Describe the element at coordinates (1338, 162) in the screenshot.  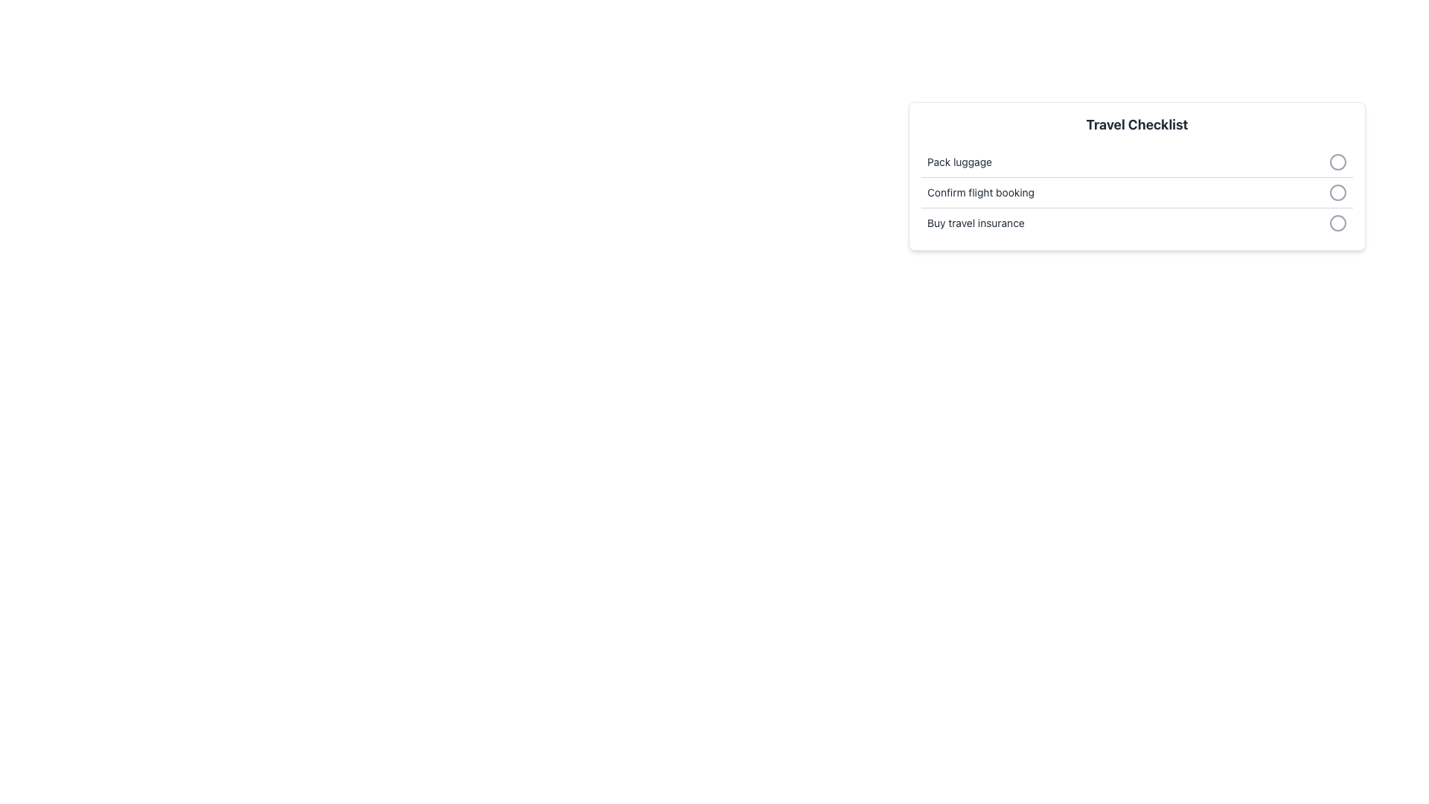
I see `the checkbox or toggle button located to the right of the 'Pack luggage' checklist item` at that location.